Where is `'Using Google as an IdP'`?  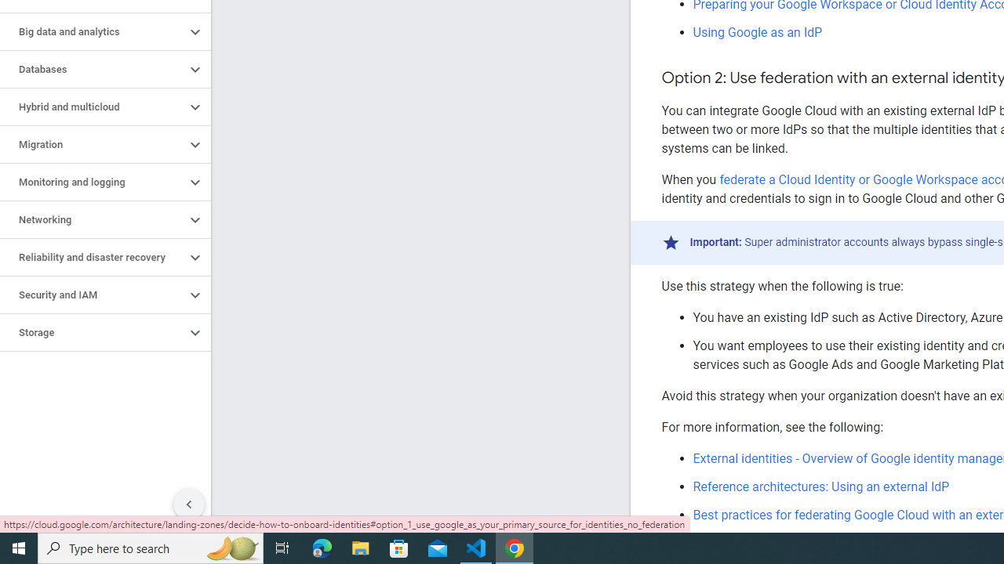 'Using Google as an IdP' is located at coordinates (758, 32).